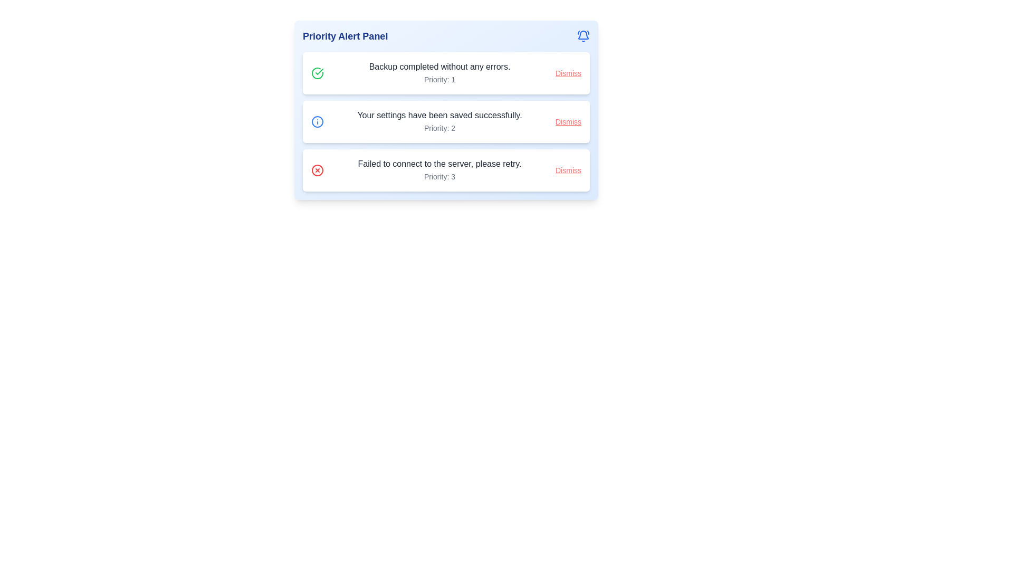 This screenshot has width=1013, height=570. What do you see at coordinates (317, 121) in the screenshot?
I see `the circular graphical element of the informational icon located to the left of the second alert box in the Priority Alert Panel` at bounding box center [317, 121].